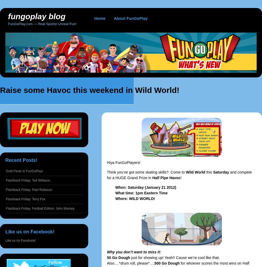 This screenshot has width=262, height=267. Describe the element at coordinates (115, 198) in the screenshot. I see `'Where: WILD WORLD!'` at that location.